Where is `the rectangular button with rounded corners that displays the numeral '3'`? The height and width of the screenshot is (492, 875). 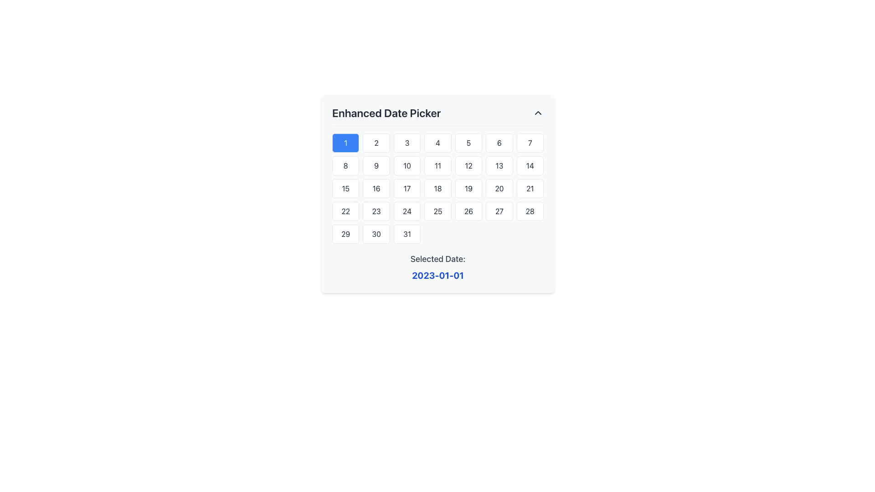
the rectangular button with rounded corners that displays the numeral '3' is located at coordinates (407, 143).